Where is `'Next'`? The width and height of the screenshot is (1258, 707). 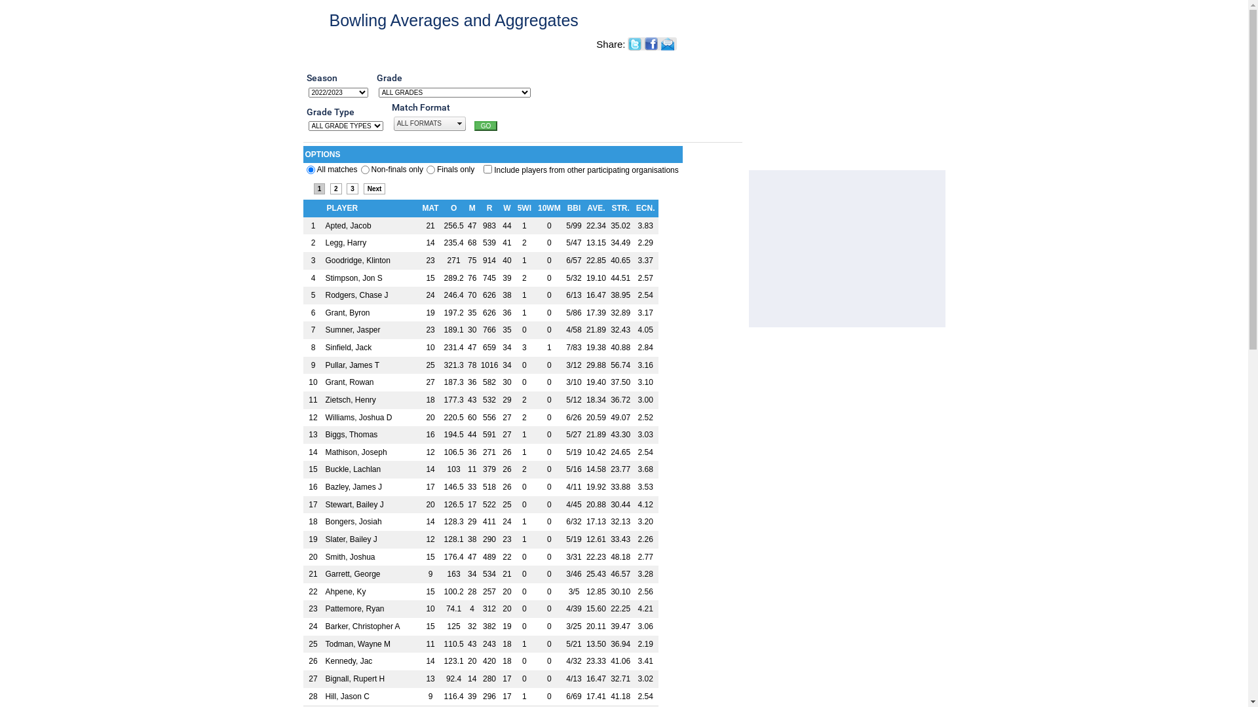 'Next' is located at coordinates (373, 189).